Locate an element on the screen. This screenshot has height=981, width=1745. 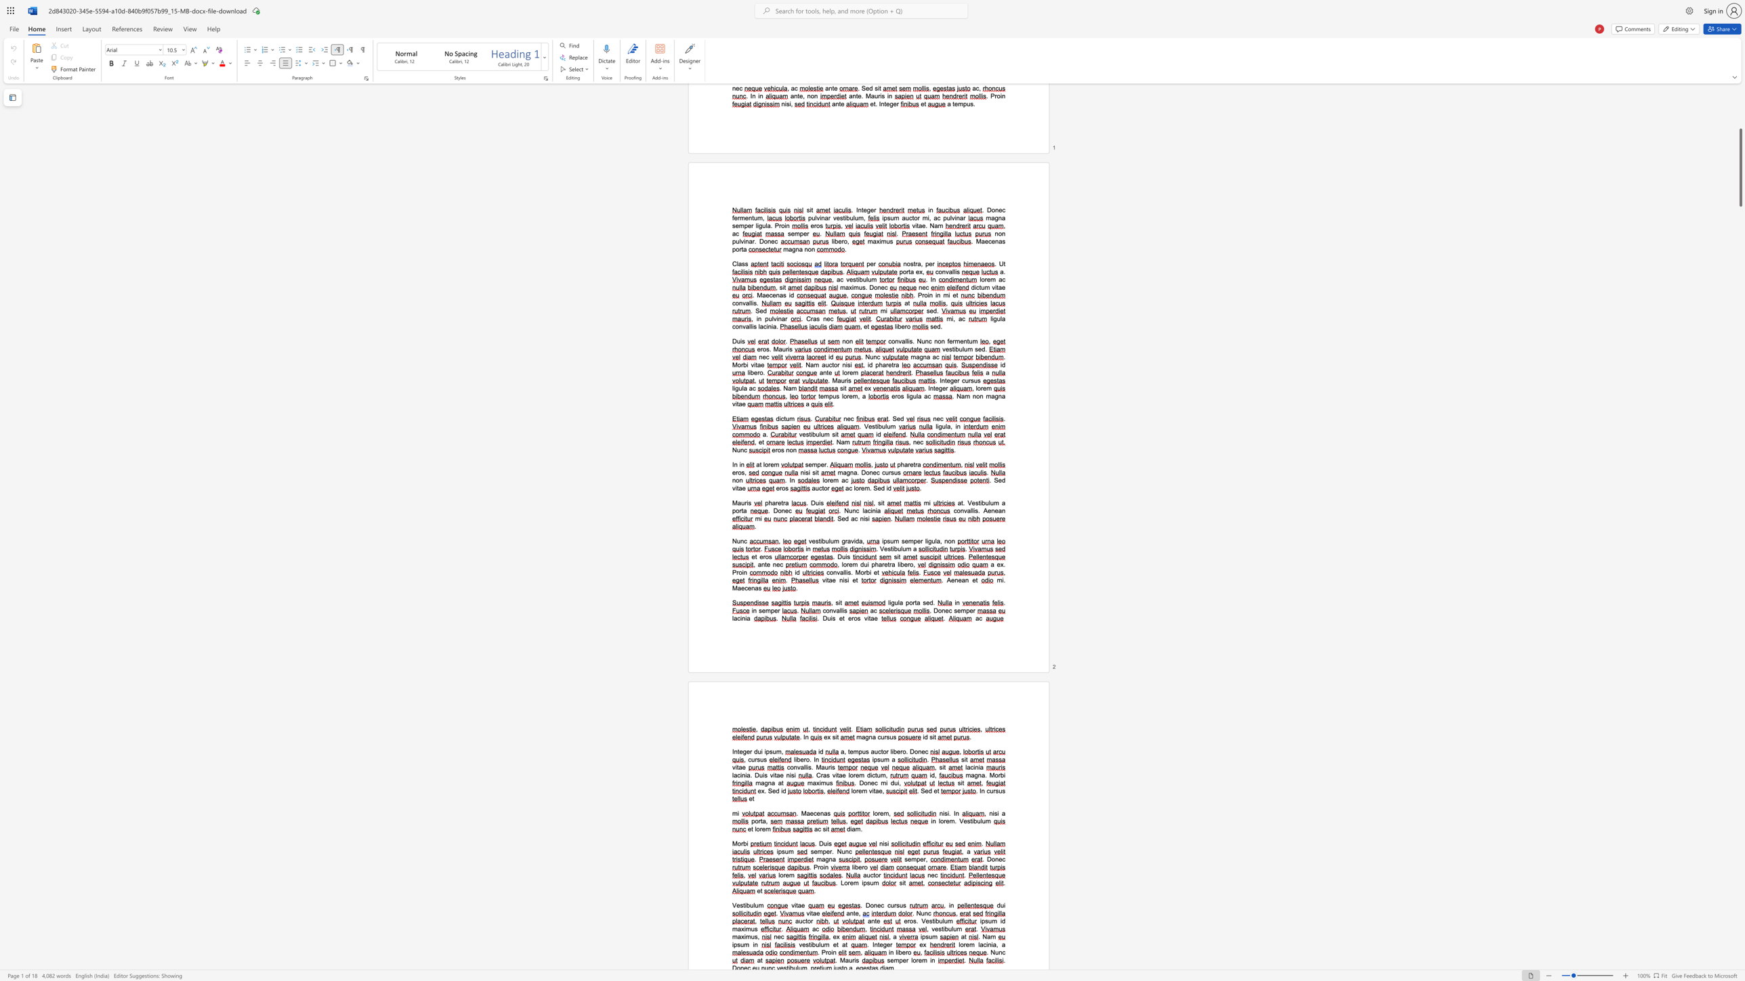
the 1th character "a" in the text is located at coordinates (825, 775).